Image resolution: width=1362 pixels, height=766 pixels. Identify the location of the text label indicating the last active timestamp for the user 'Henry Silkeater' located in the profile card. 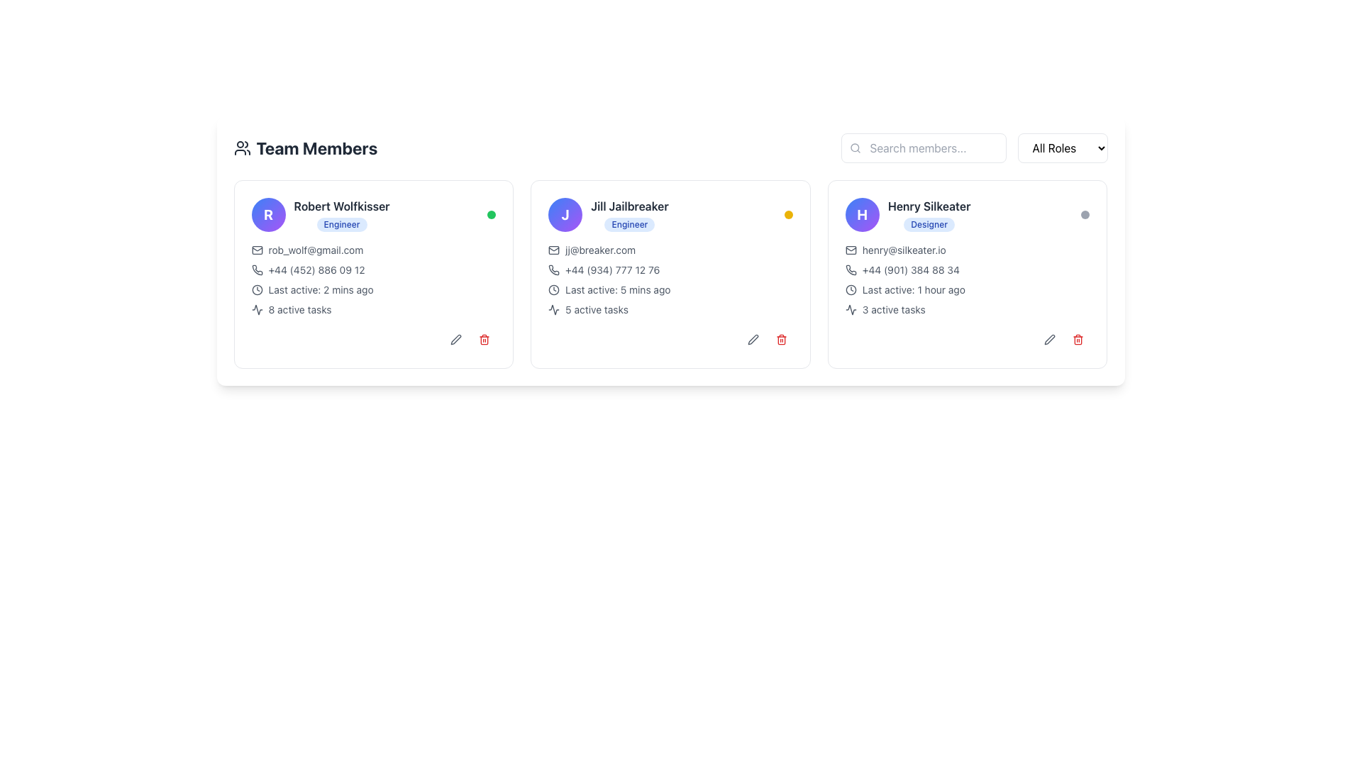
(914, 289).